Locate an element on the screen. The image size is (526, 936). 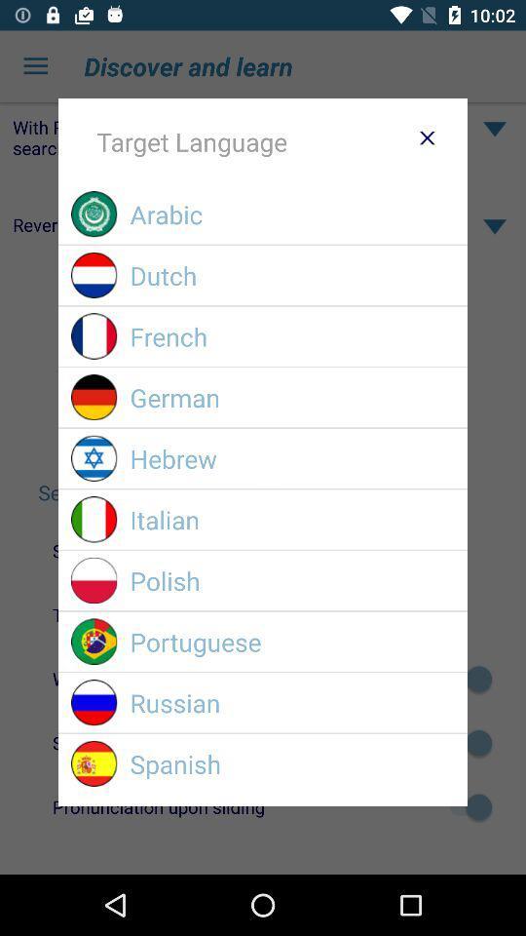
the polish item is located at coordinates (291, 580).